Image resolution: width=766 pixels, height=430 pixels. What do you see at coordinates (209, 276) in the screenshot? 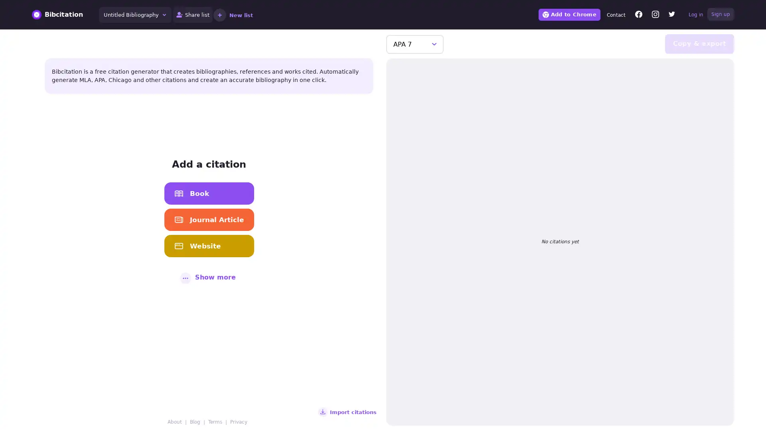
I see `Show more` at bounding box center [209, 276].